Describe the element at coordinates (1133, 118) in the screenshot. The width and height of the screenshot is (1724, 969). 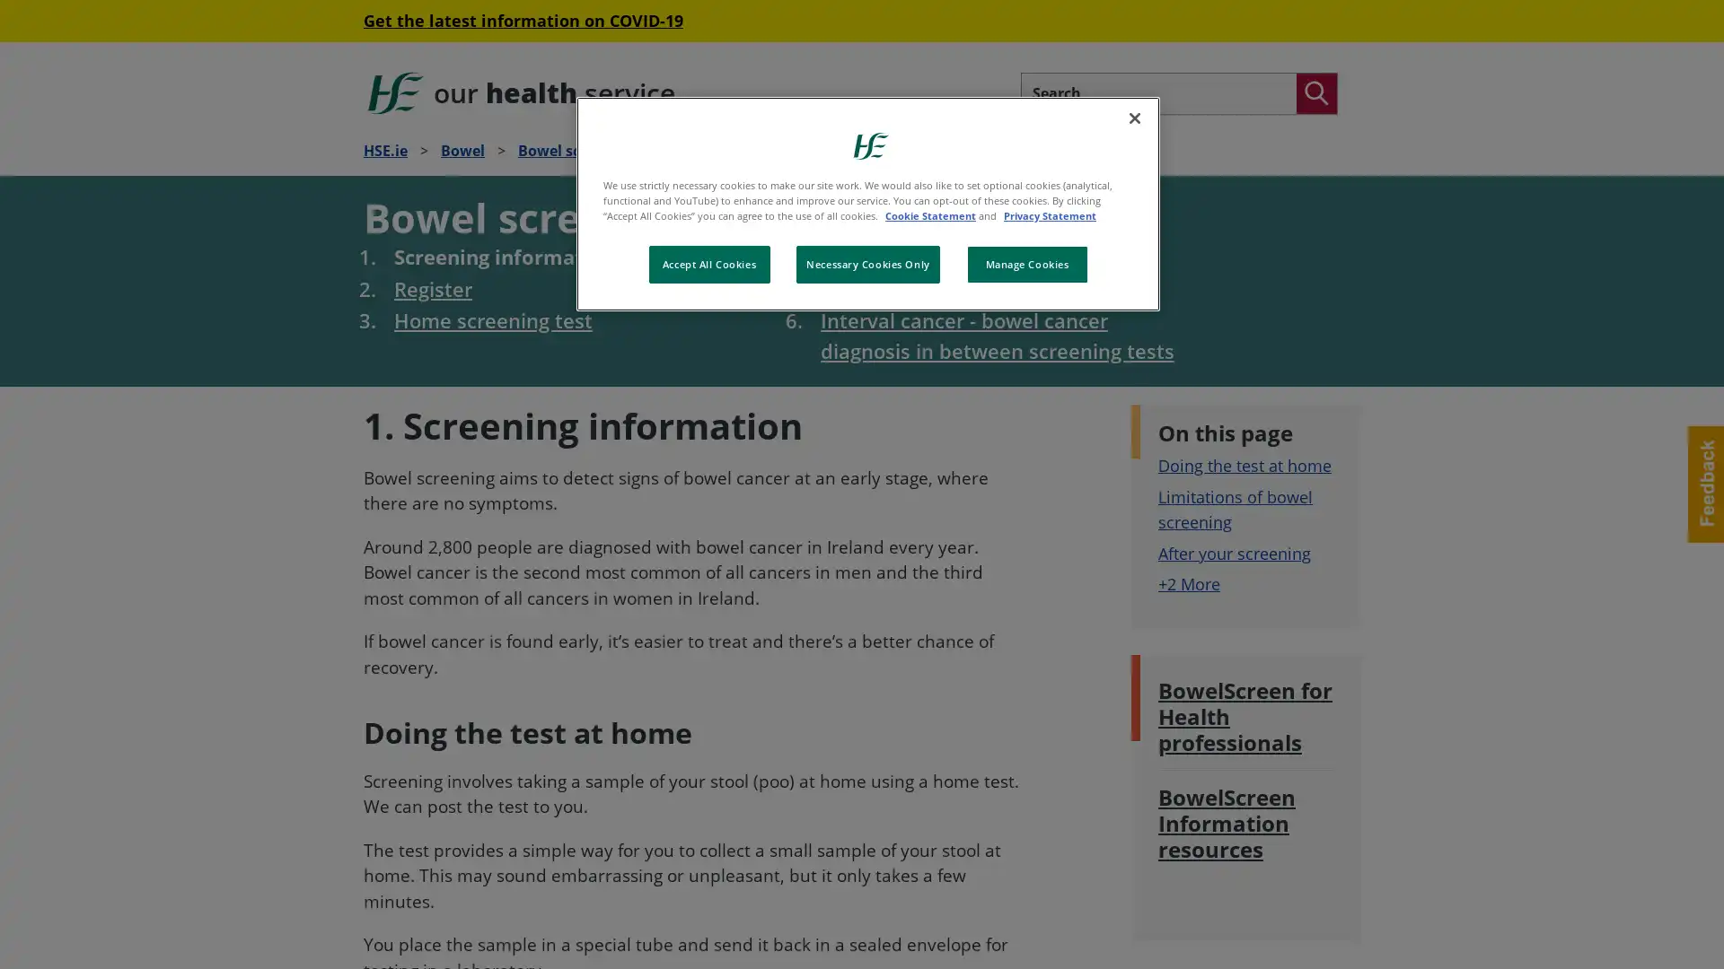
I see `Close` at that location.